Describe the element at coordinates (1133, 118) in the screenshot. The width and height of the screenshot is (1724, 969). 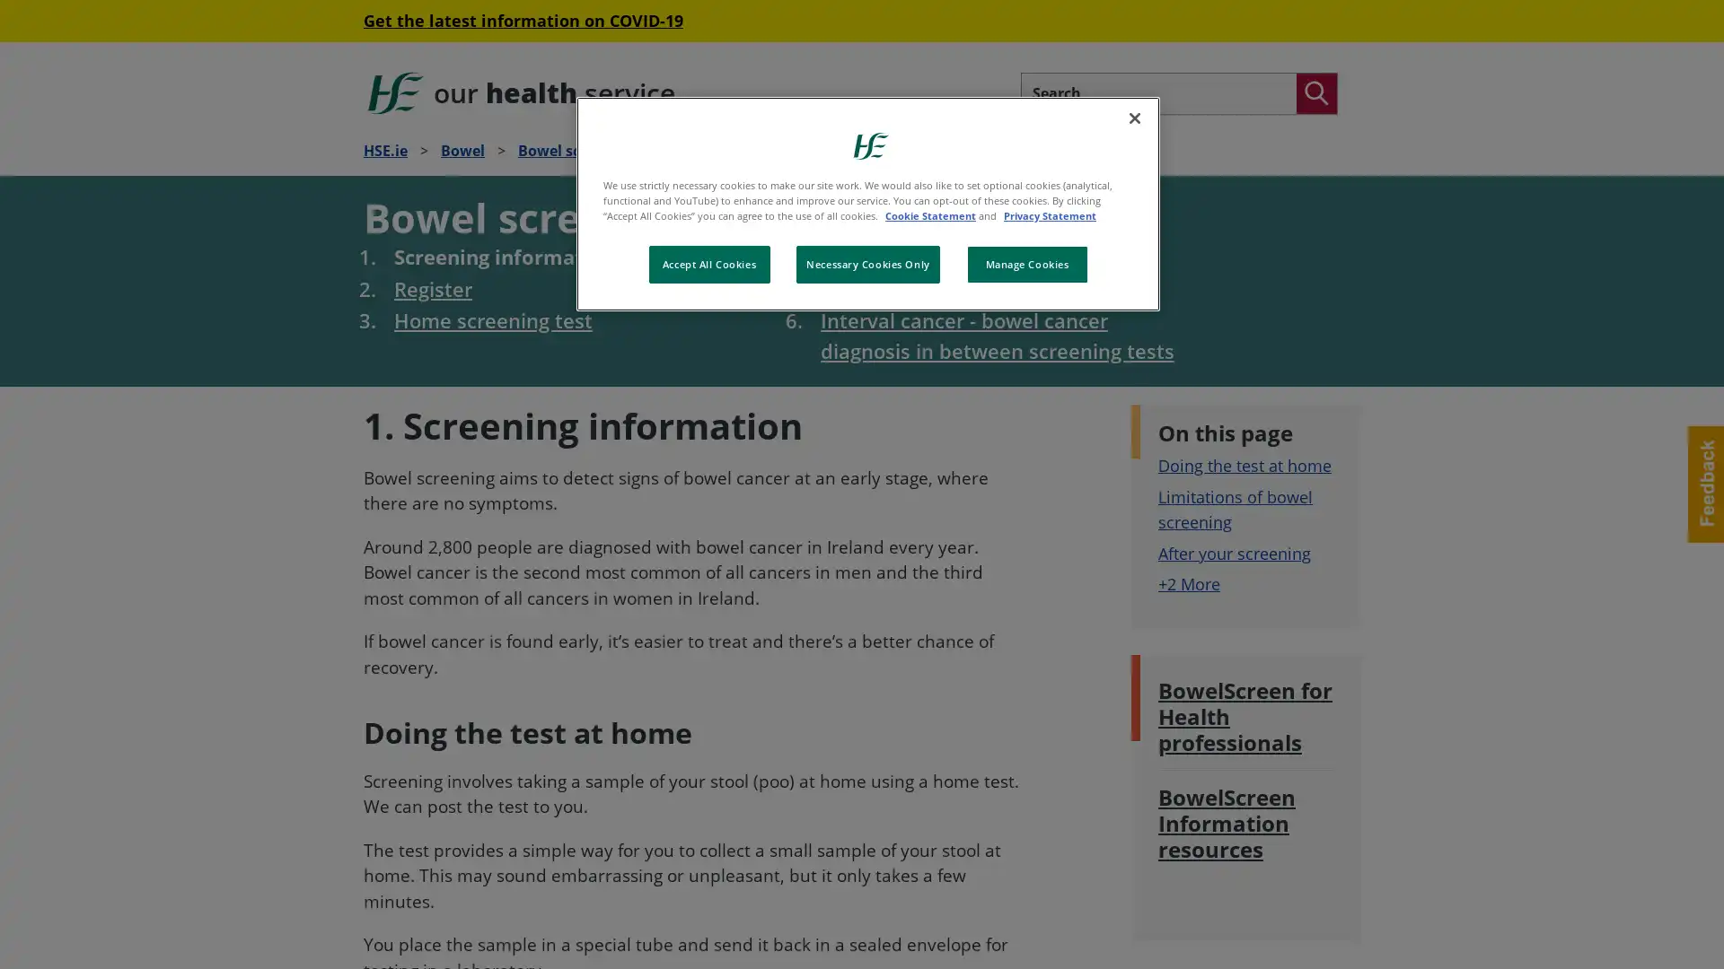
I see `Close` at that location.